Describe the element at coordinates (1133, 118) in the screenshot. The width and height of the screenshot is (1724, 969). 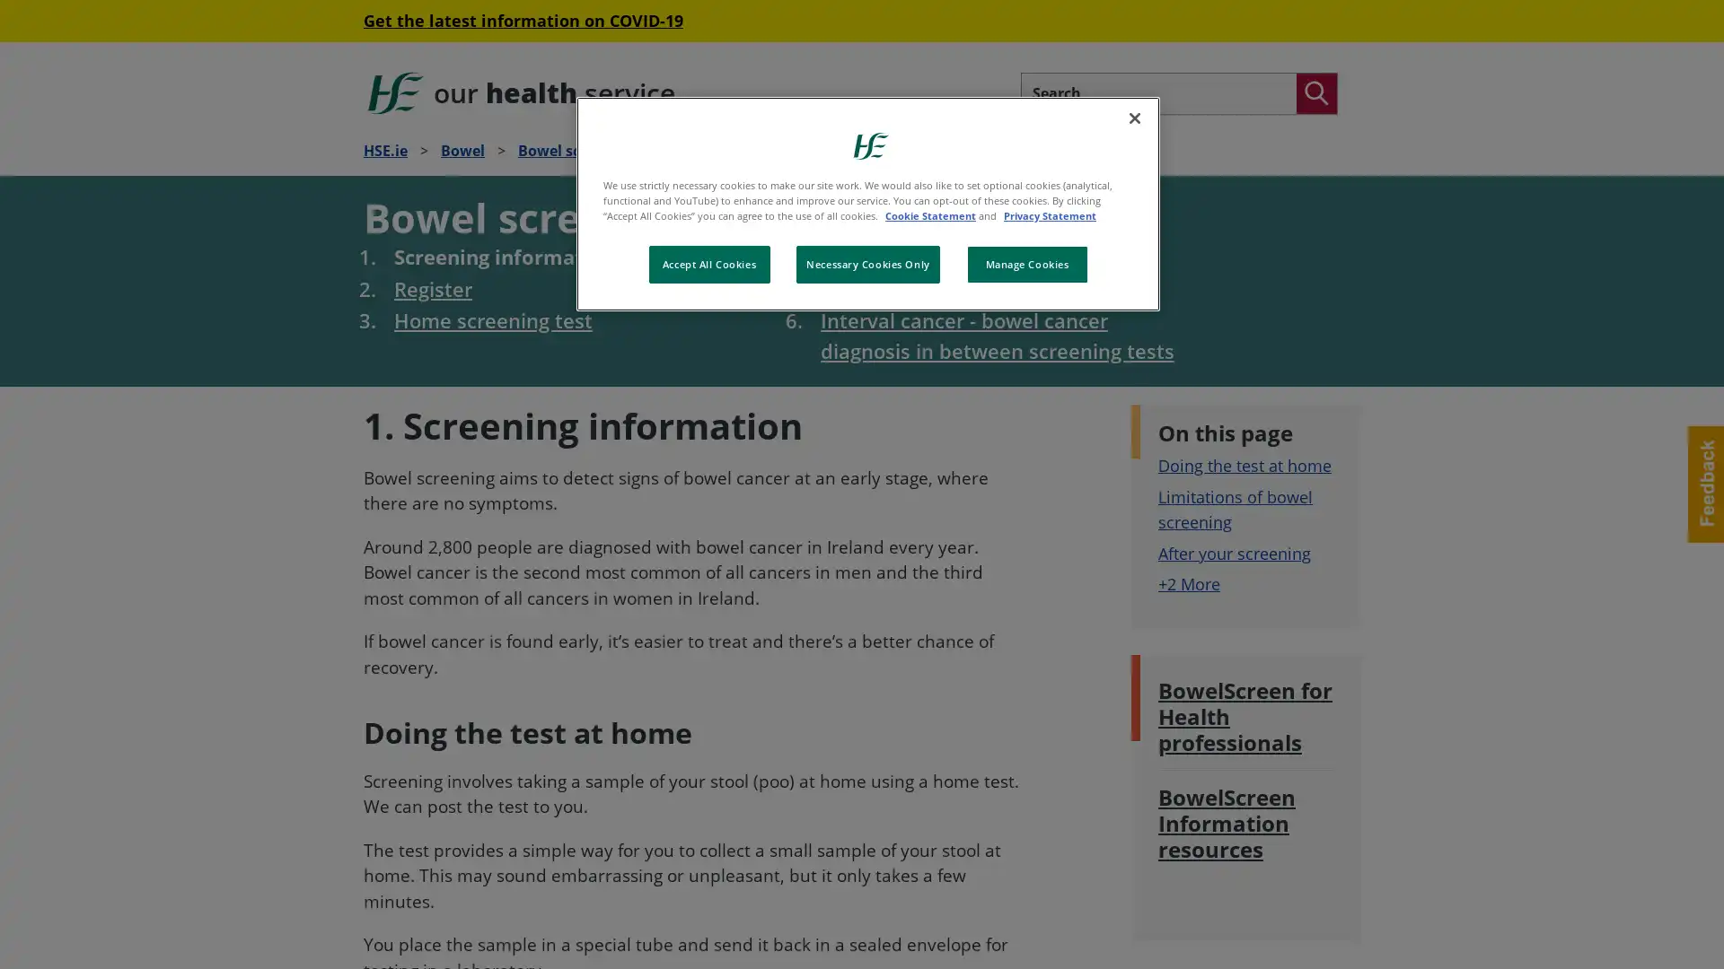
I see `Close` at that location.